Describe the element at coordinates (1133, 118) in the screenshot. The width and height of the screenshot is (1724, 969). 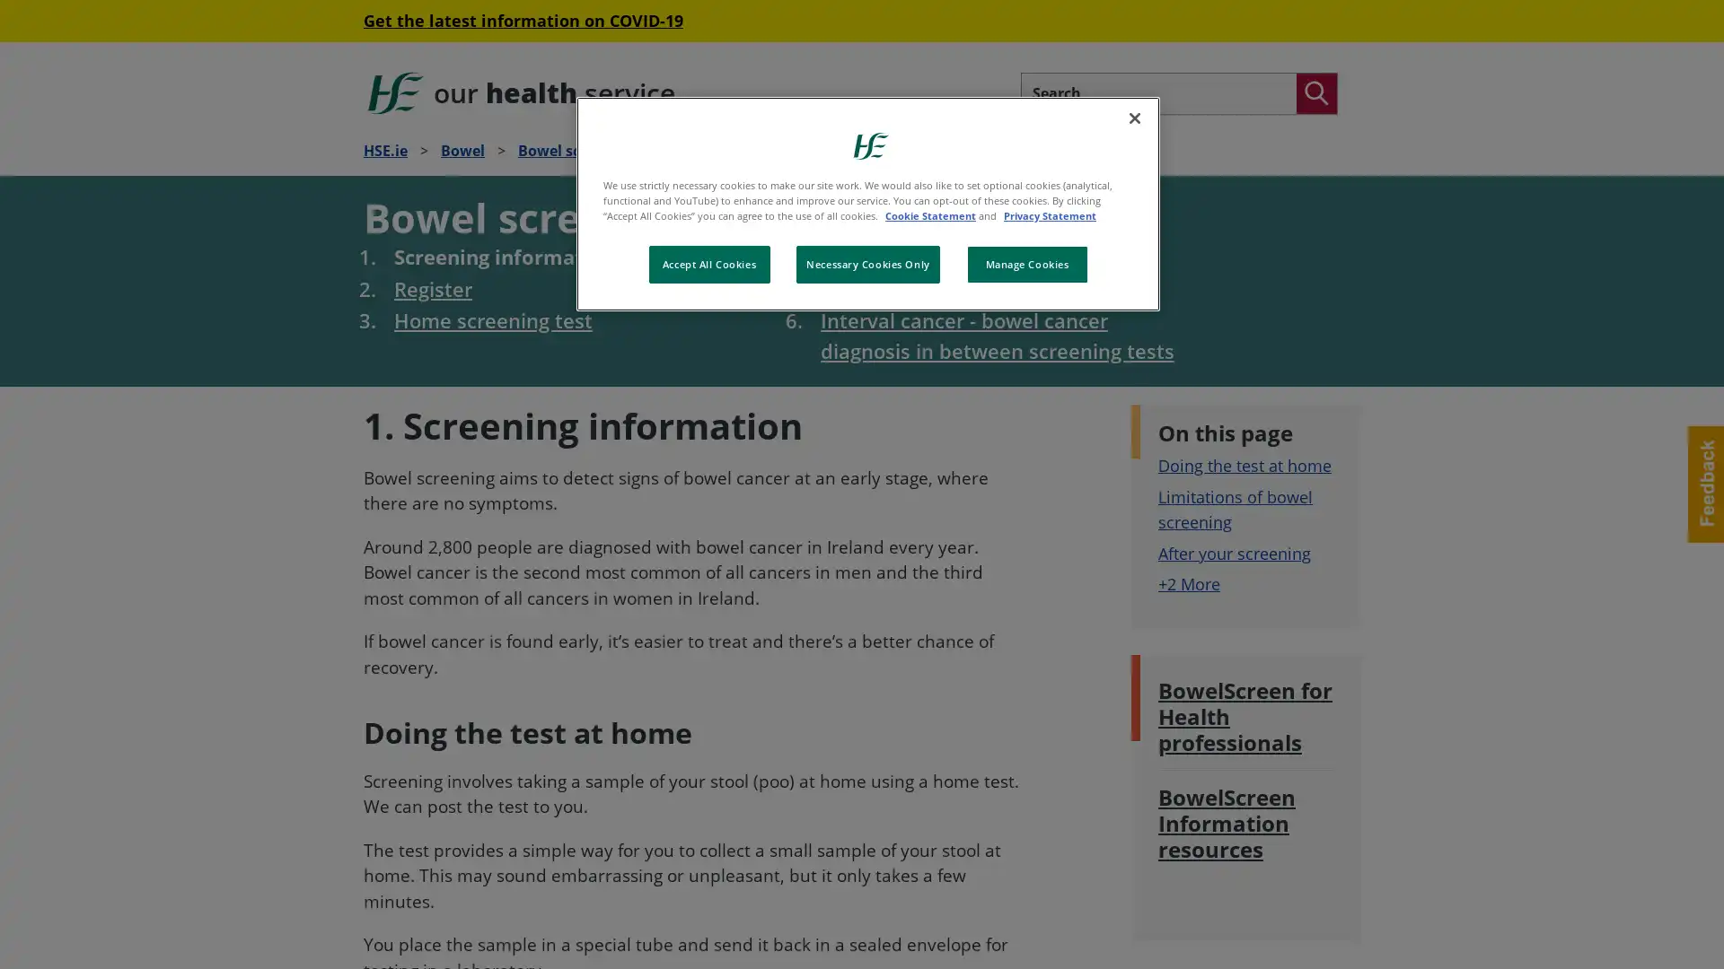
I see `Close` at that location.